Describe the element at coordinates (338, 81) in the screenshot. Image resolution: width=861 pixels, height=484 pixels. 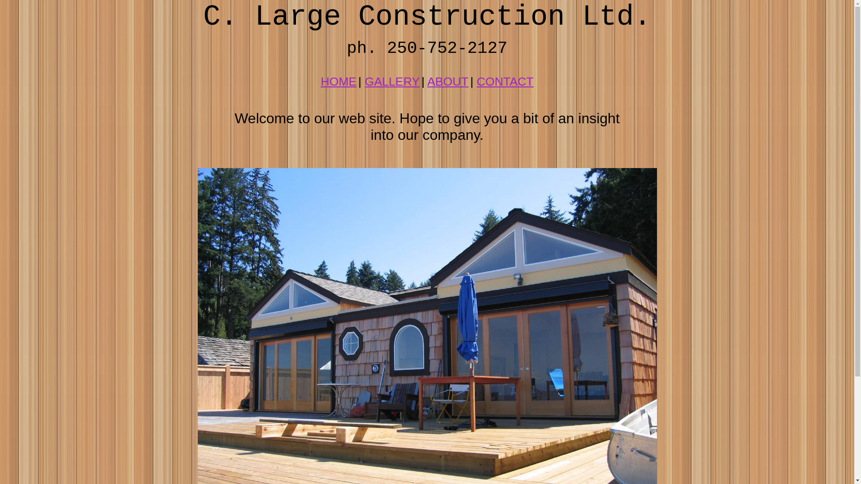
I see `'HOME'` at that location.